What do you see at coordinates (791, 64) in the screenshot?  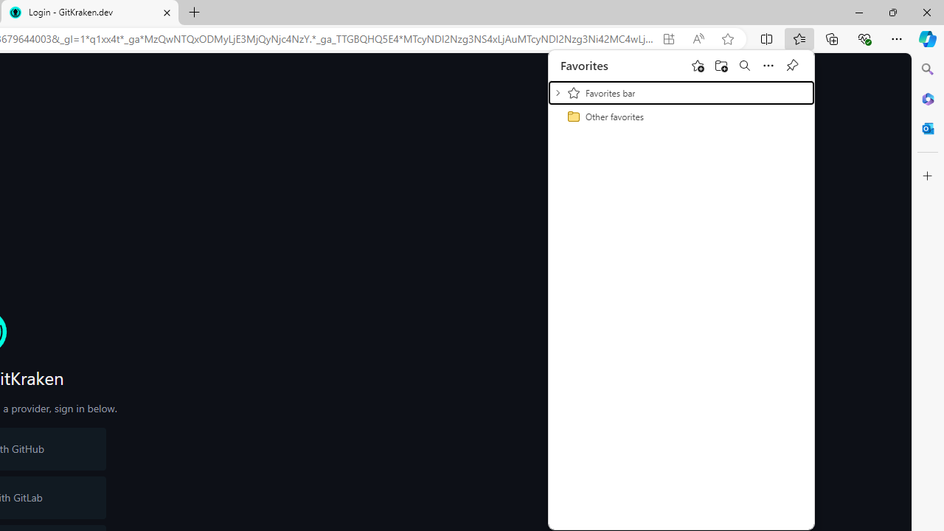 I see `'Pin favorites'` at bounding box center [791, 64].